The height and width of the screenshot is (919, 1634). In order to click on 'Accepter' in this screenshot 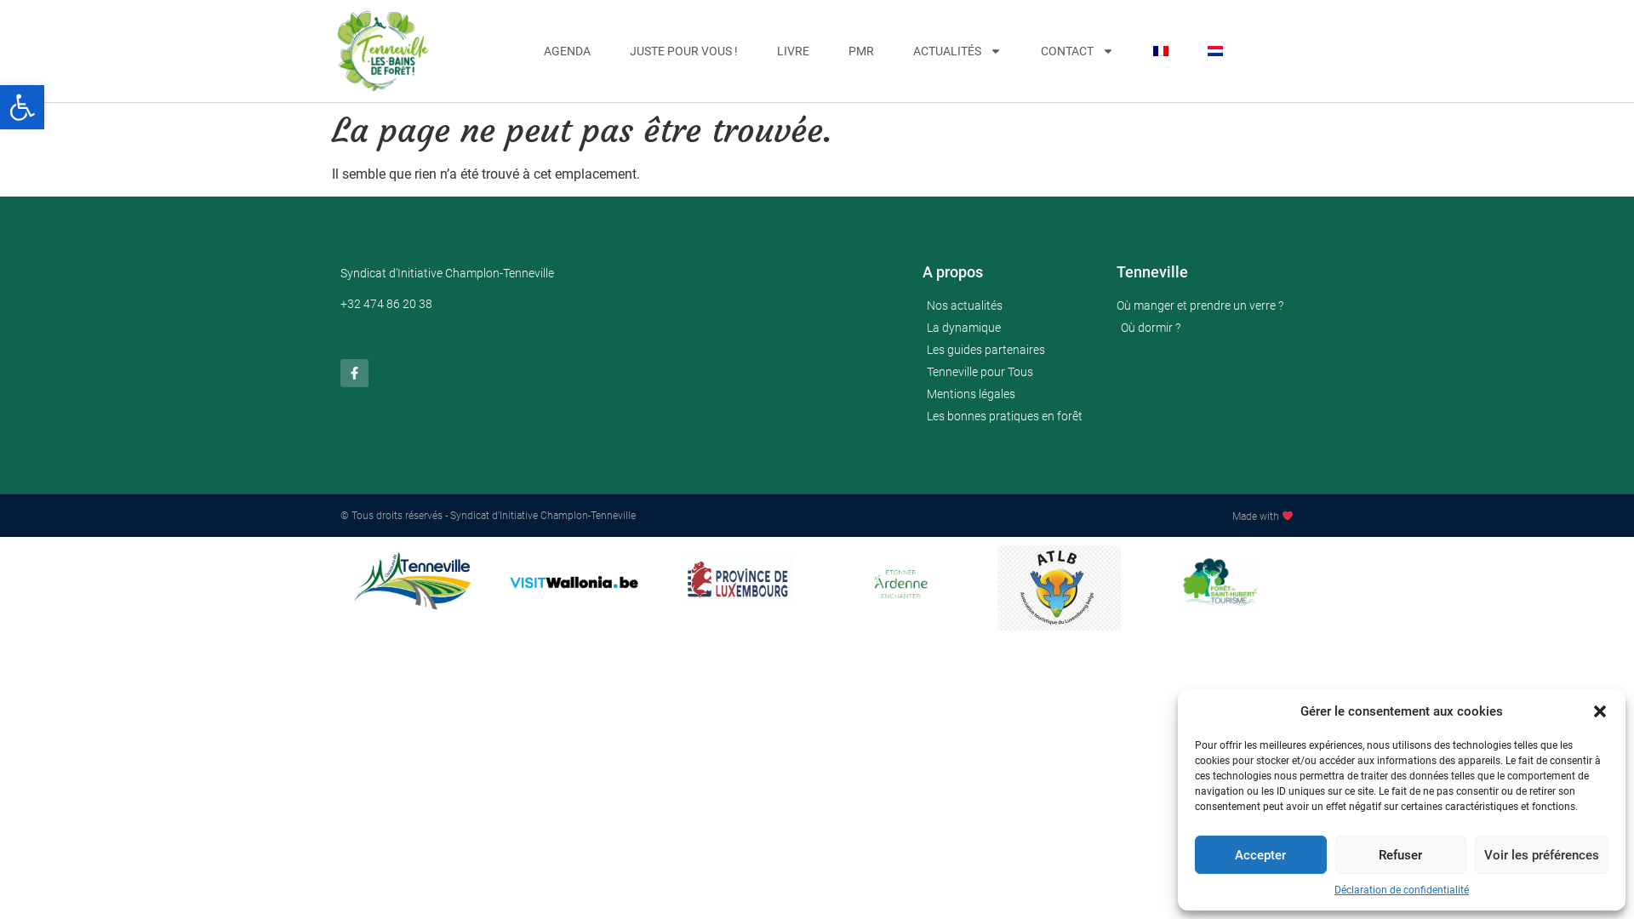, I will do `click(1260, 854)`.